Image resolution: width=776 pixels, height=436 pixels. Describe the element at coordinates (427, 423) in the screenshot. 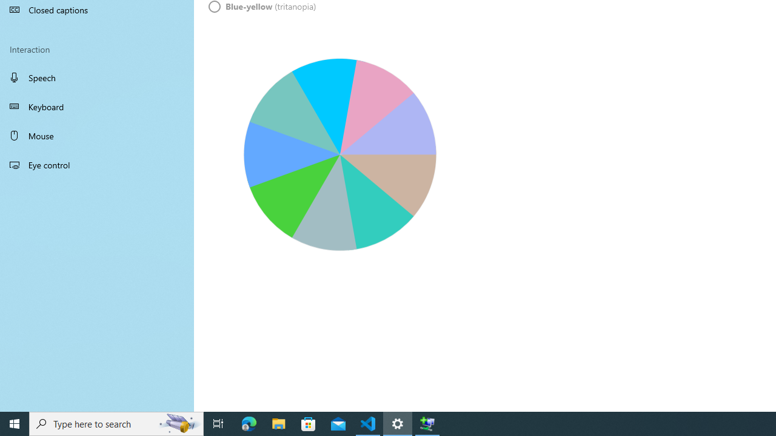

I see `'Extensible Wizards Host Process - 1 running window'` at that location.